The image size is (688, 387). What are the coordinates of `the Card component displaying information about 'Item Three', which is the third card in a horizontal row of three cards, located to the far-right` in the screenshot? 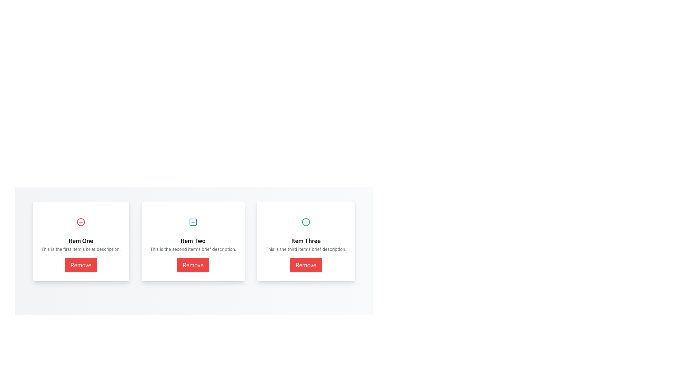 It's located at (306, 242).